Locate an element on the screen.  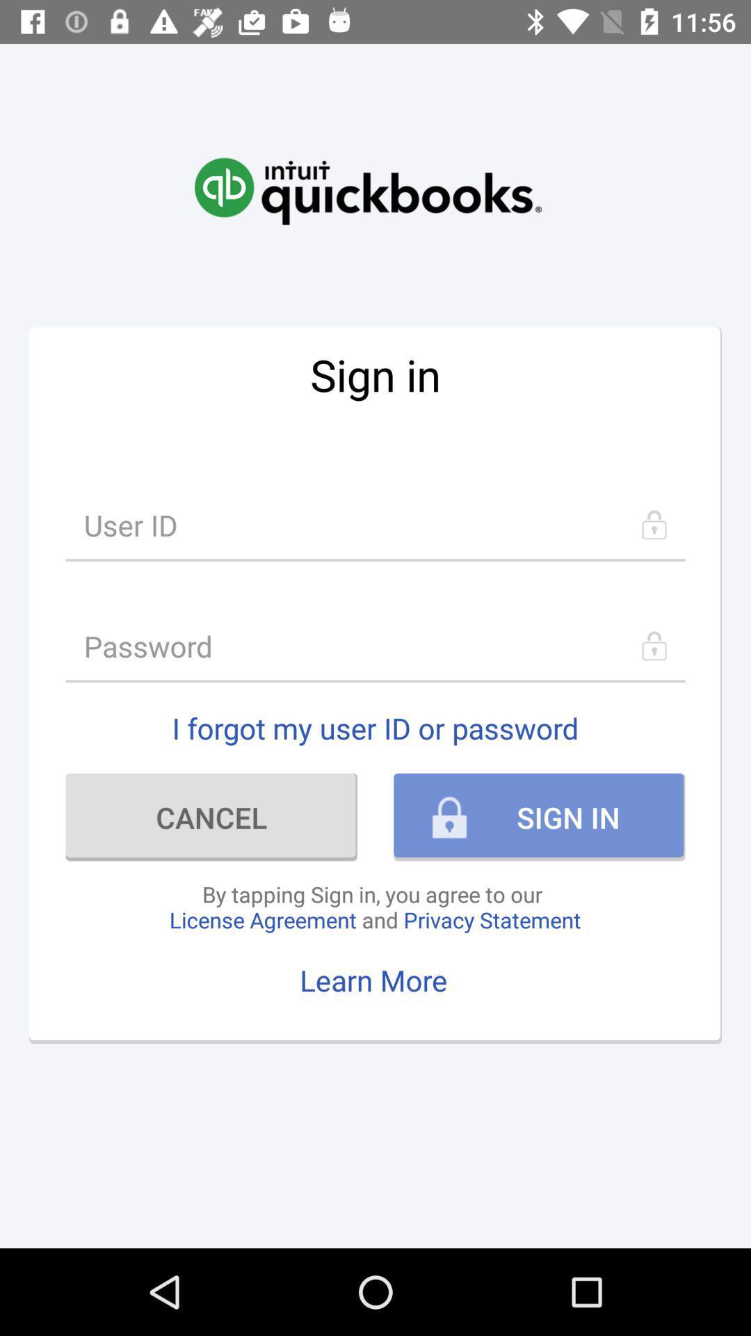
by tapping sign item is located at coordinates (374, 907).